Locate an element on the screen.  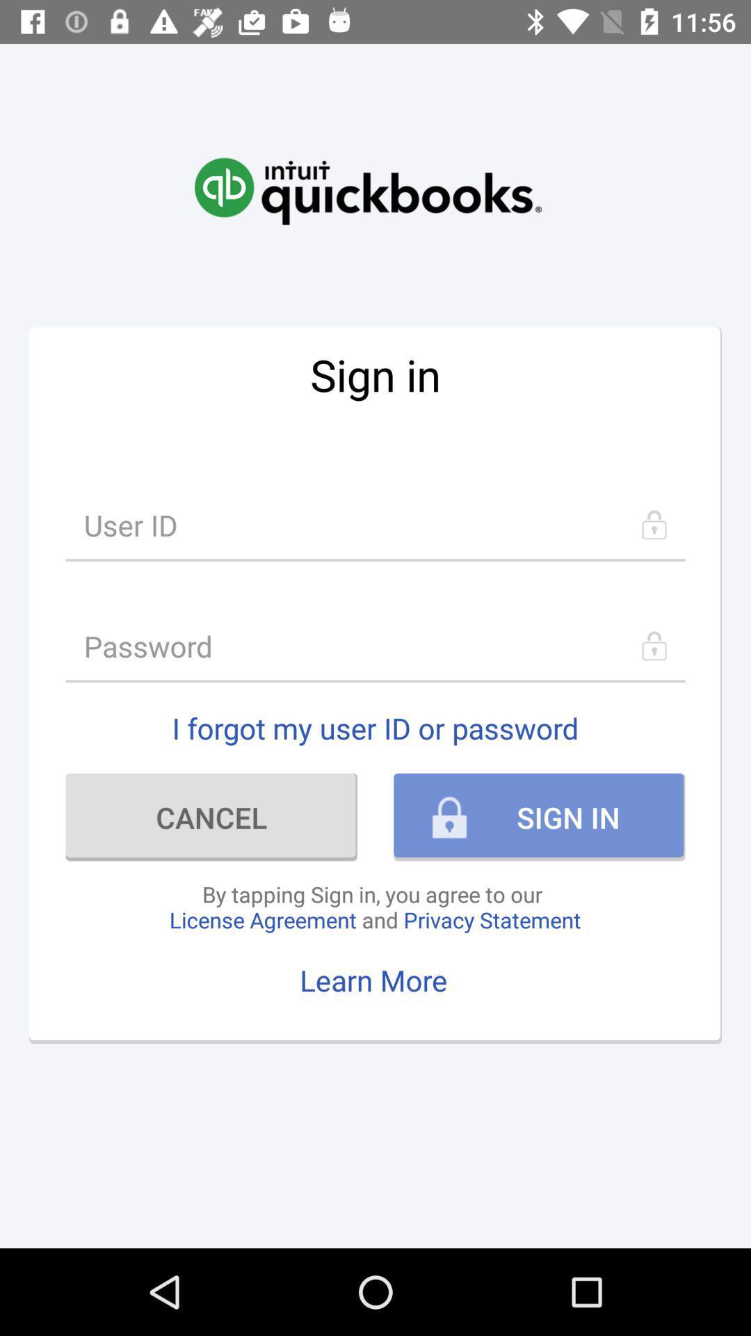
by tapping sign item is located at coordinates (374, 907).